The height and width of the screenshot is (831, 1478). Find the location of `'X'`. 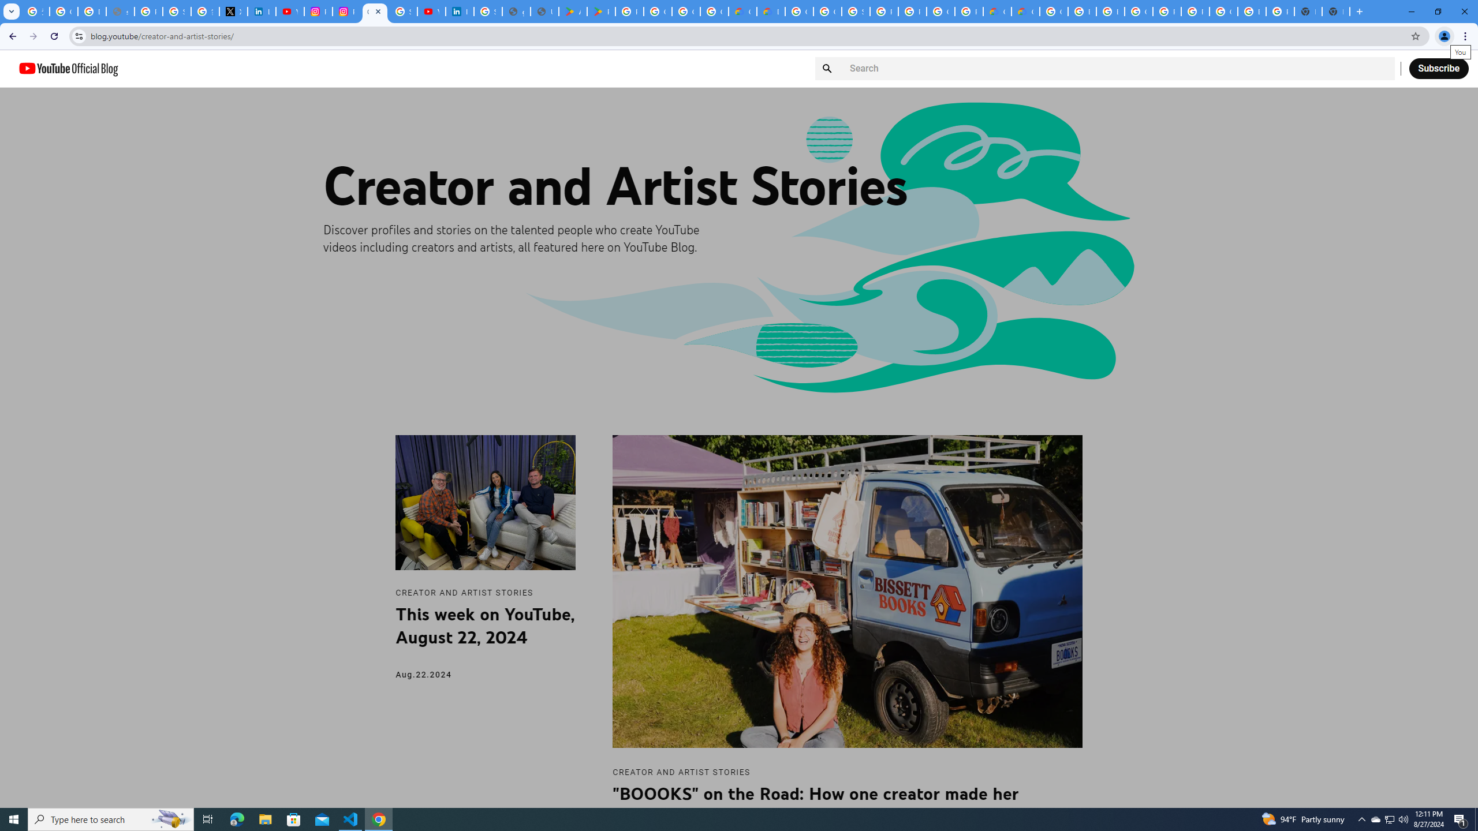

'X' is located at coordinates (233, 11).